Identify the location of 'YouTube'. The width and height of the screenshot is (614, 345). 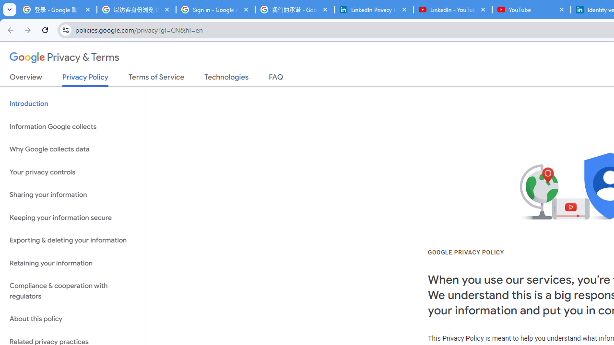
(531, 10).